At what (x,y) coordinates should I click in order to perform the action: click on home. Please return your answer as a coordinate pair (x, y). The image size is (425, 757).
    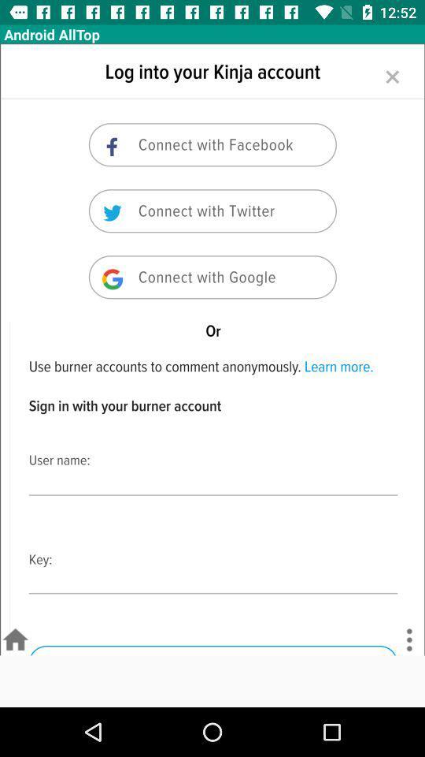
    Looking at the image, I should click on (14, 640).